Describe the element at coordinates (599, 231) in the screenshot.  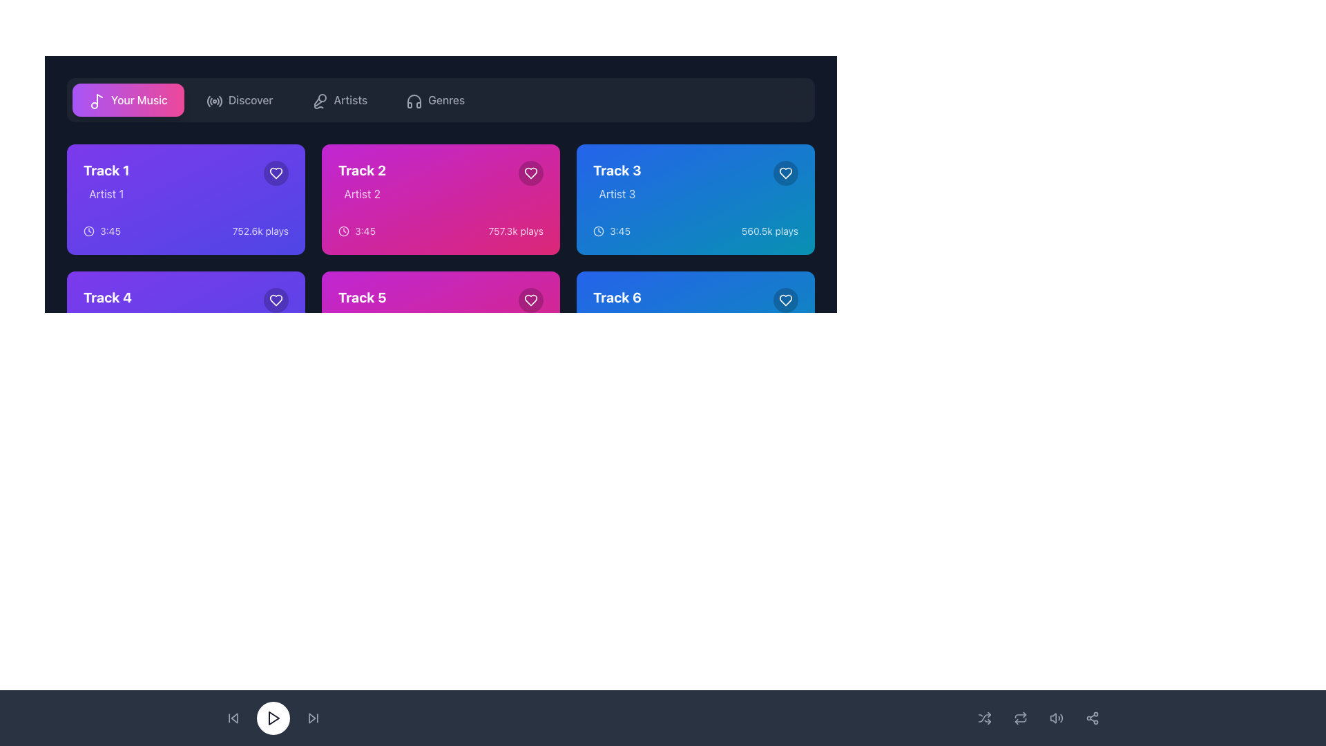
I see `the circular clock icon located within the 'Track 3' card at the top right of its content area` at that location.